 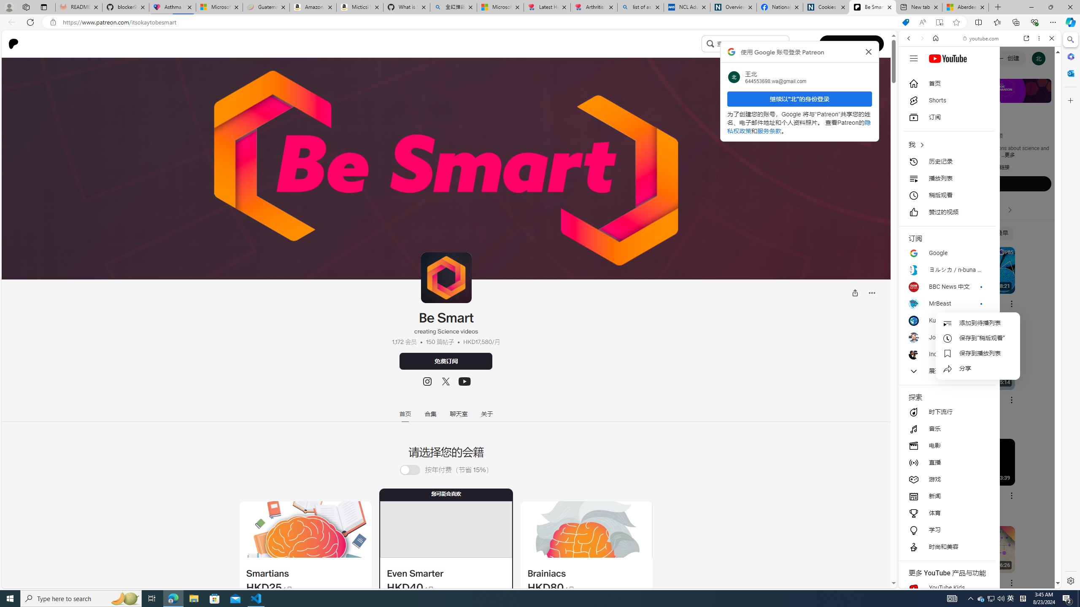 I want to click on 'Class: sc-jrQzAO inFiZu', so click(x=710, y=43).